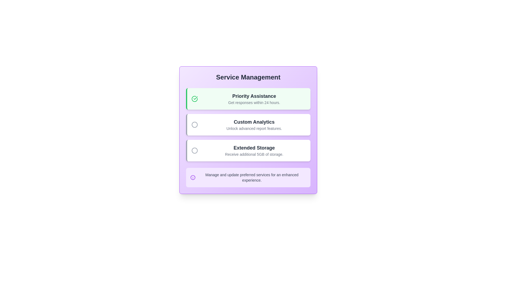  I want to click on the 'Priority Assistance' text section, which features a bold title and a subtitle, located in the first row of the multi-row list within the purple 'Service Management' panel, so click(254, 99).